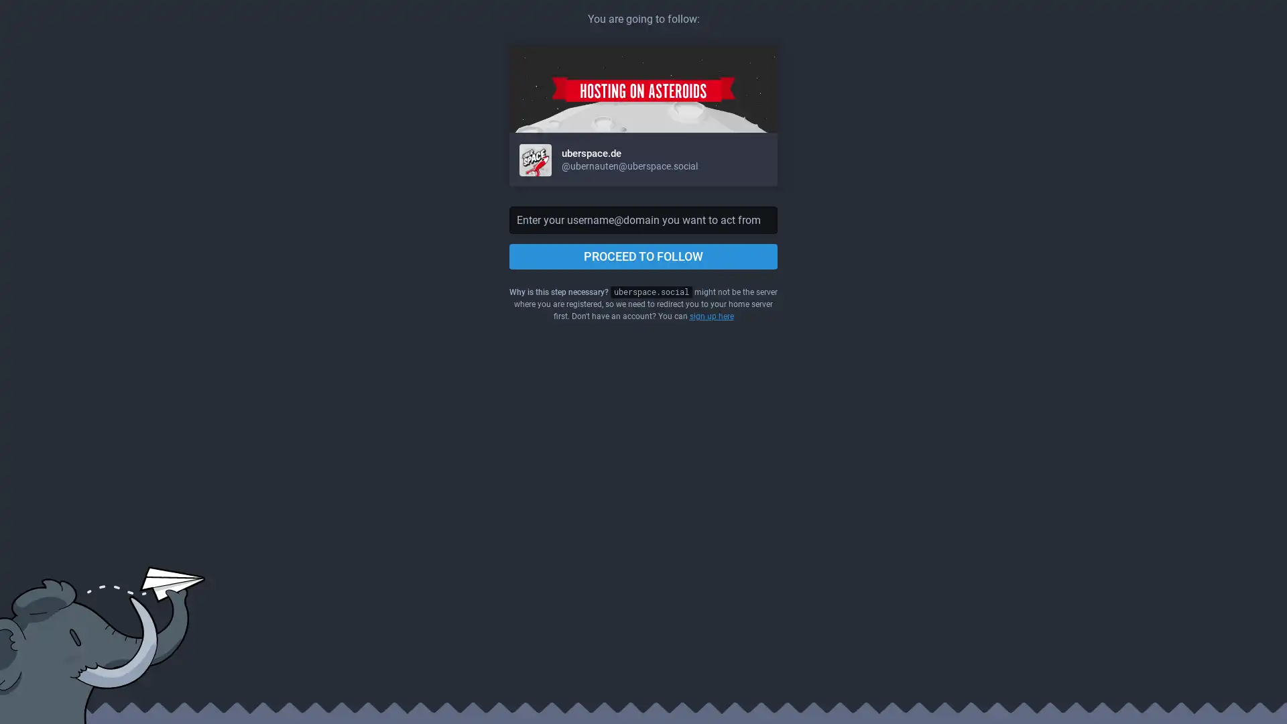  I want to click on PROCEED TO FOLLOW, so click(643, 256).